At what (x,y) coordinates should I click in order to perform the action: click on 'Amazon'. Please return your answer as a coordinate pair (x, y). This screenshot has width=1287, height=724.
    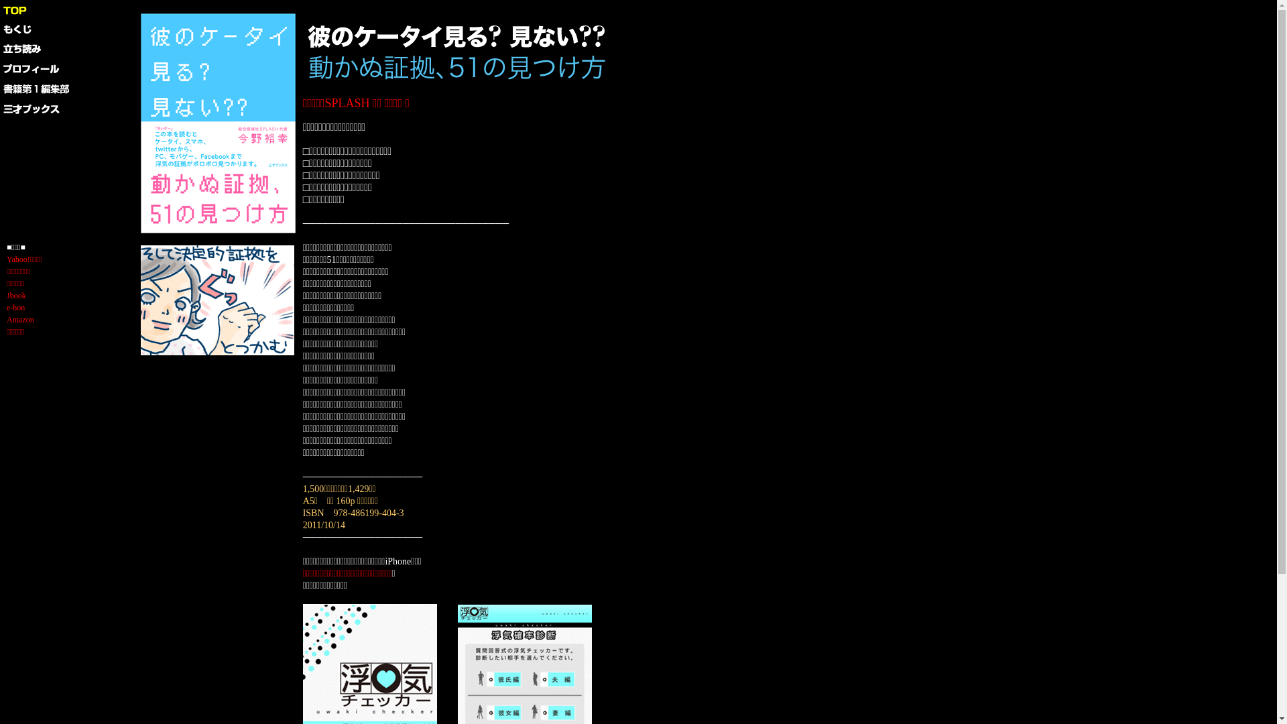
    Looking at the image, I should click on (20, 320).